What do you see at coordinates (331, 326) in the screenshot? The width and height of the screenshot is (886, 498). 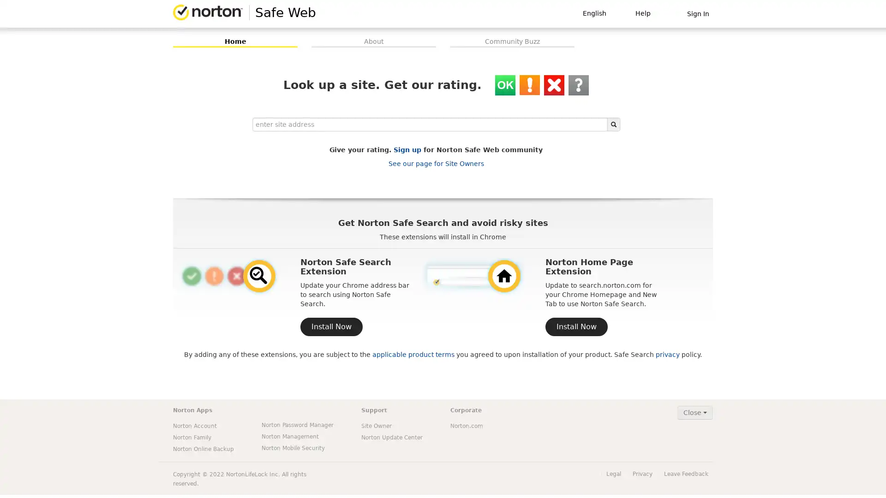 I see `Install Now` at bounding box center [331, 326].